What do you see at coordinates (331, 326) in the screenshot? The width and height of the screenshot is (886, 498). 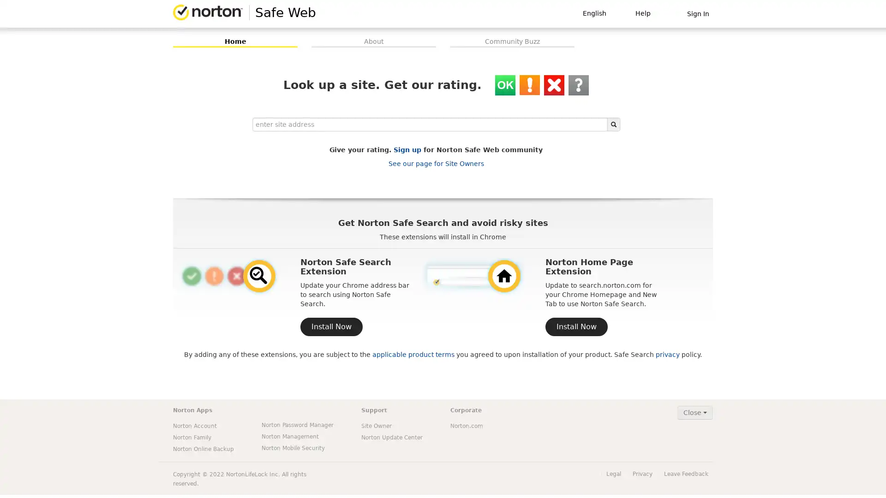 I see `Install Now` at bounding box center [331, 326].